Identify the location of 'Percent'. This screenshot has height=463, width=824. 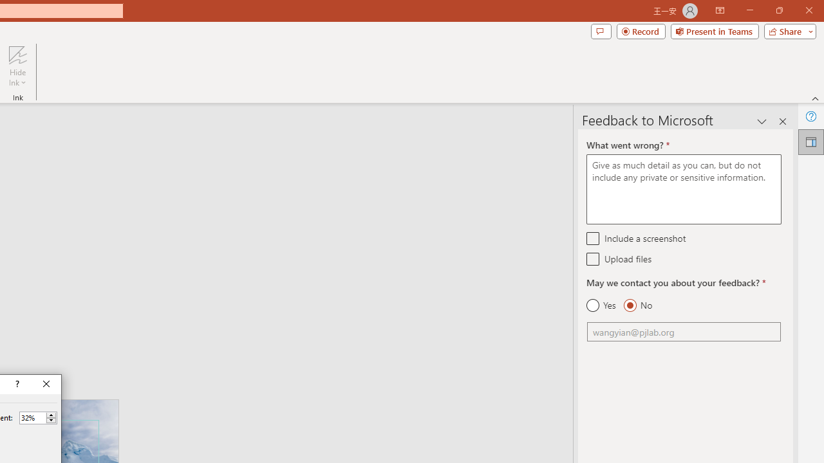
(32, 417).